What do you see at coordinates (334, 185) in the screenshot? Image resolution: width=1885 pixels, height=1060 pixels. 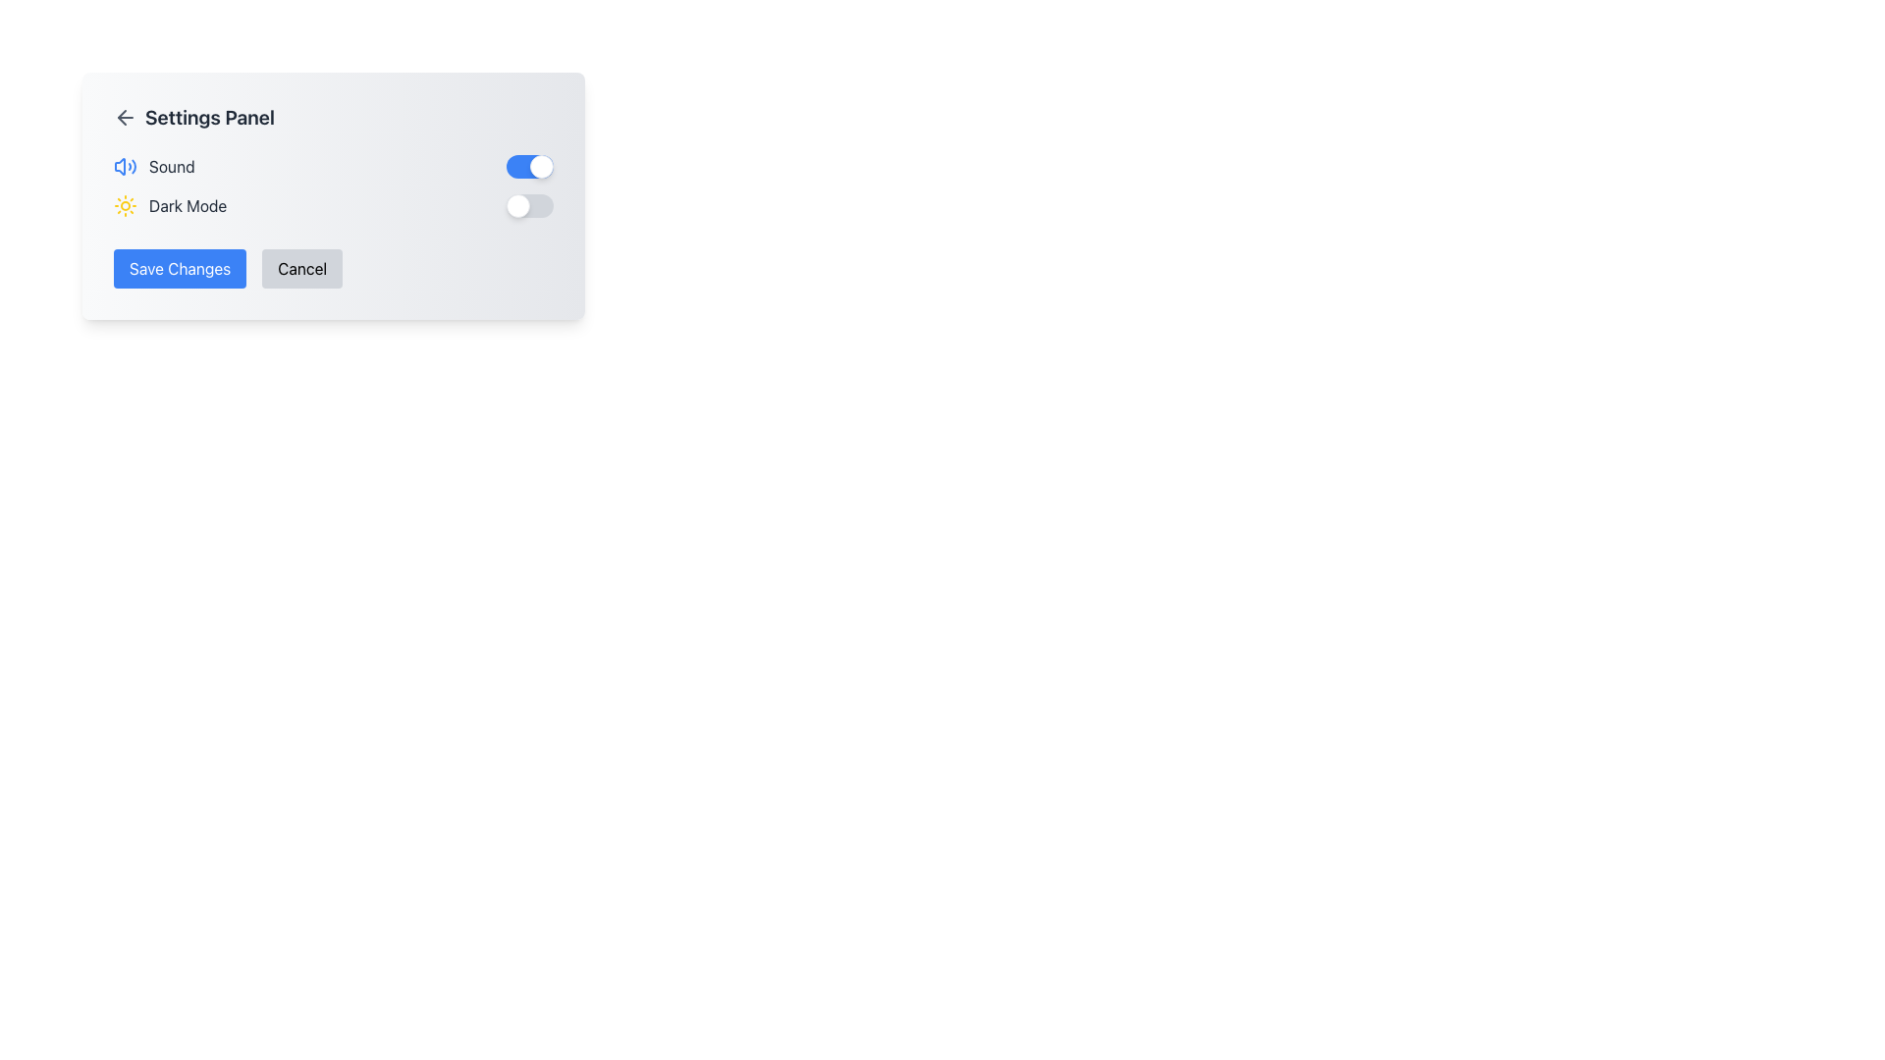 I see `the Settings Section` at bounding box center [334, 185].